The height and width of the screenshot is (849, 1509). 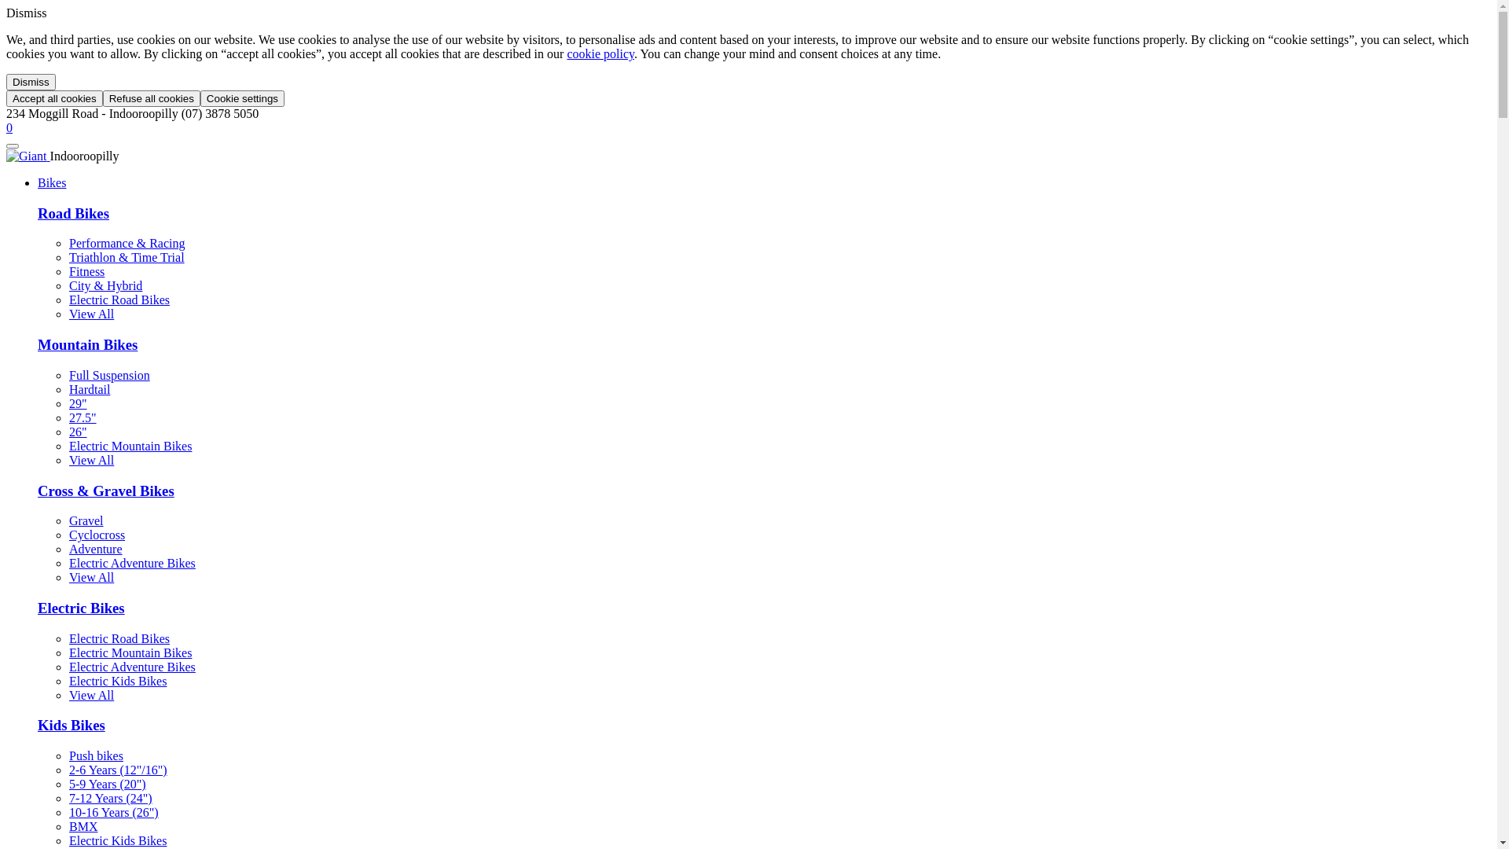 What do you see at coordinates (105, 490) in the screenshot?
I see `'Cross & Gravel Bikes'` at bounding box center [105, 490].